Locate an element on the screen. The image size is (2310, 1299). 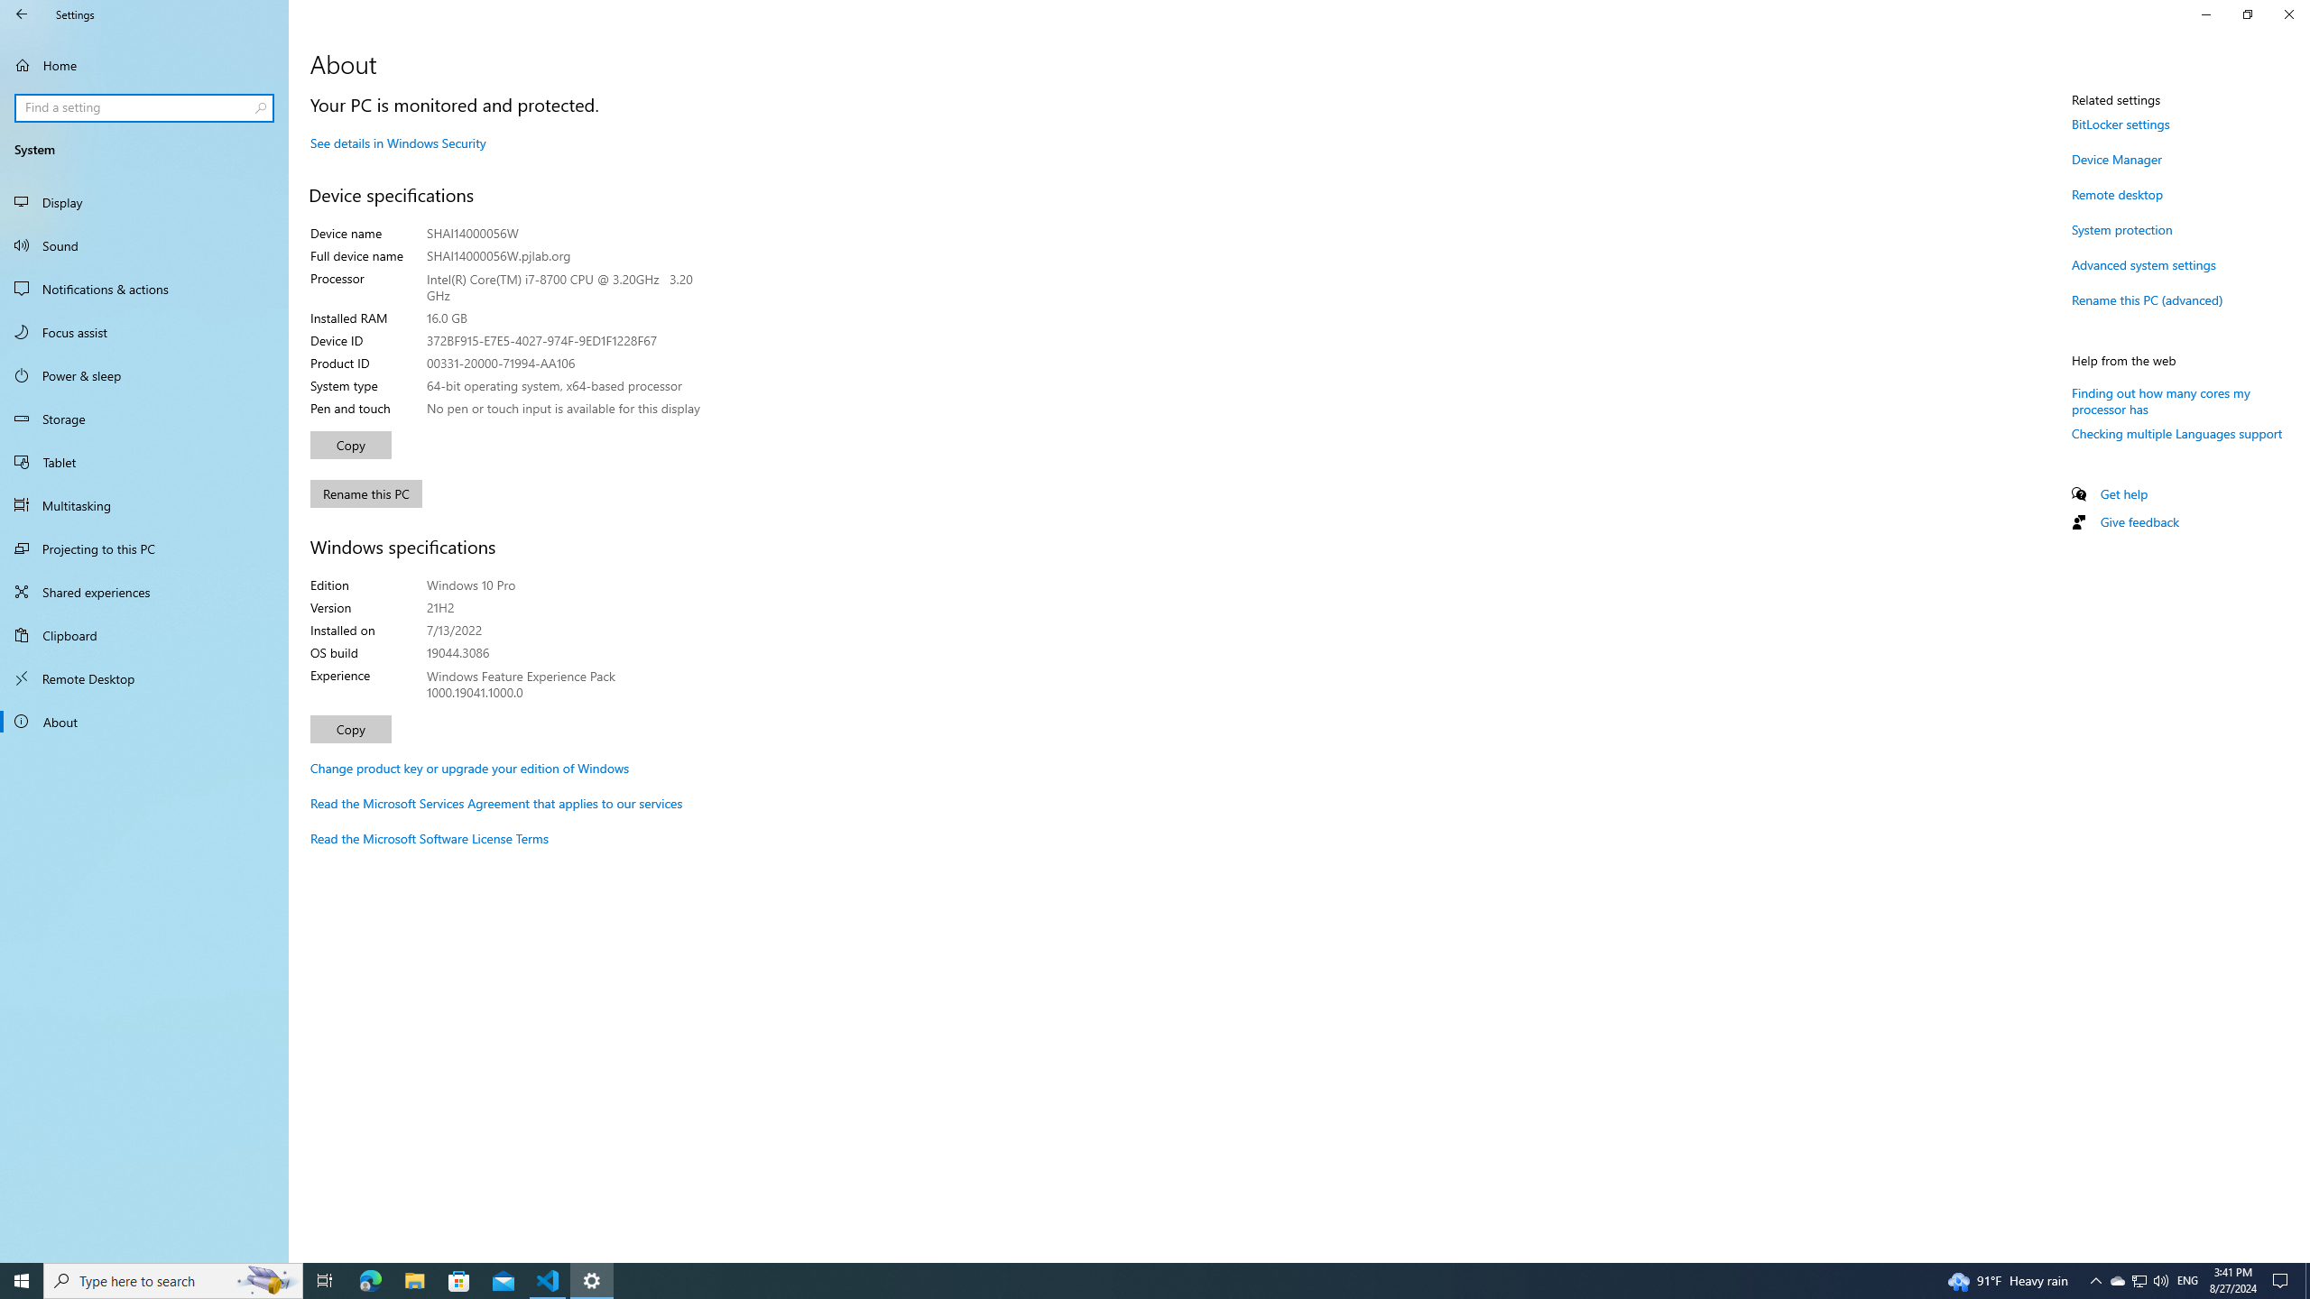
'Advanced system settings' is located at coordinates (2142, 263).